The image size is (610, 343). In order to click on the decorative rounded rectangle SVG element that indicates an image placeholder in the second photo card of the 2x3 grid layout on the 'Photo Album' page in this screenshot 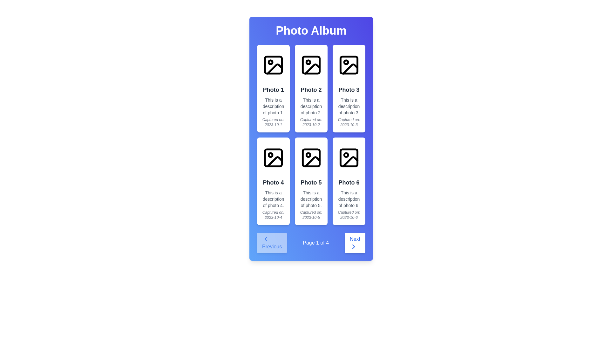, I will do `click(311, 65)`.